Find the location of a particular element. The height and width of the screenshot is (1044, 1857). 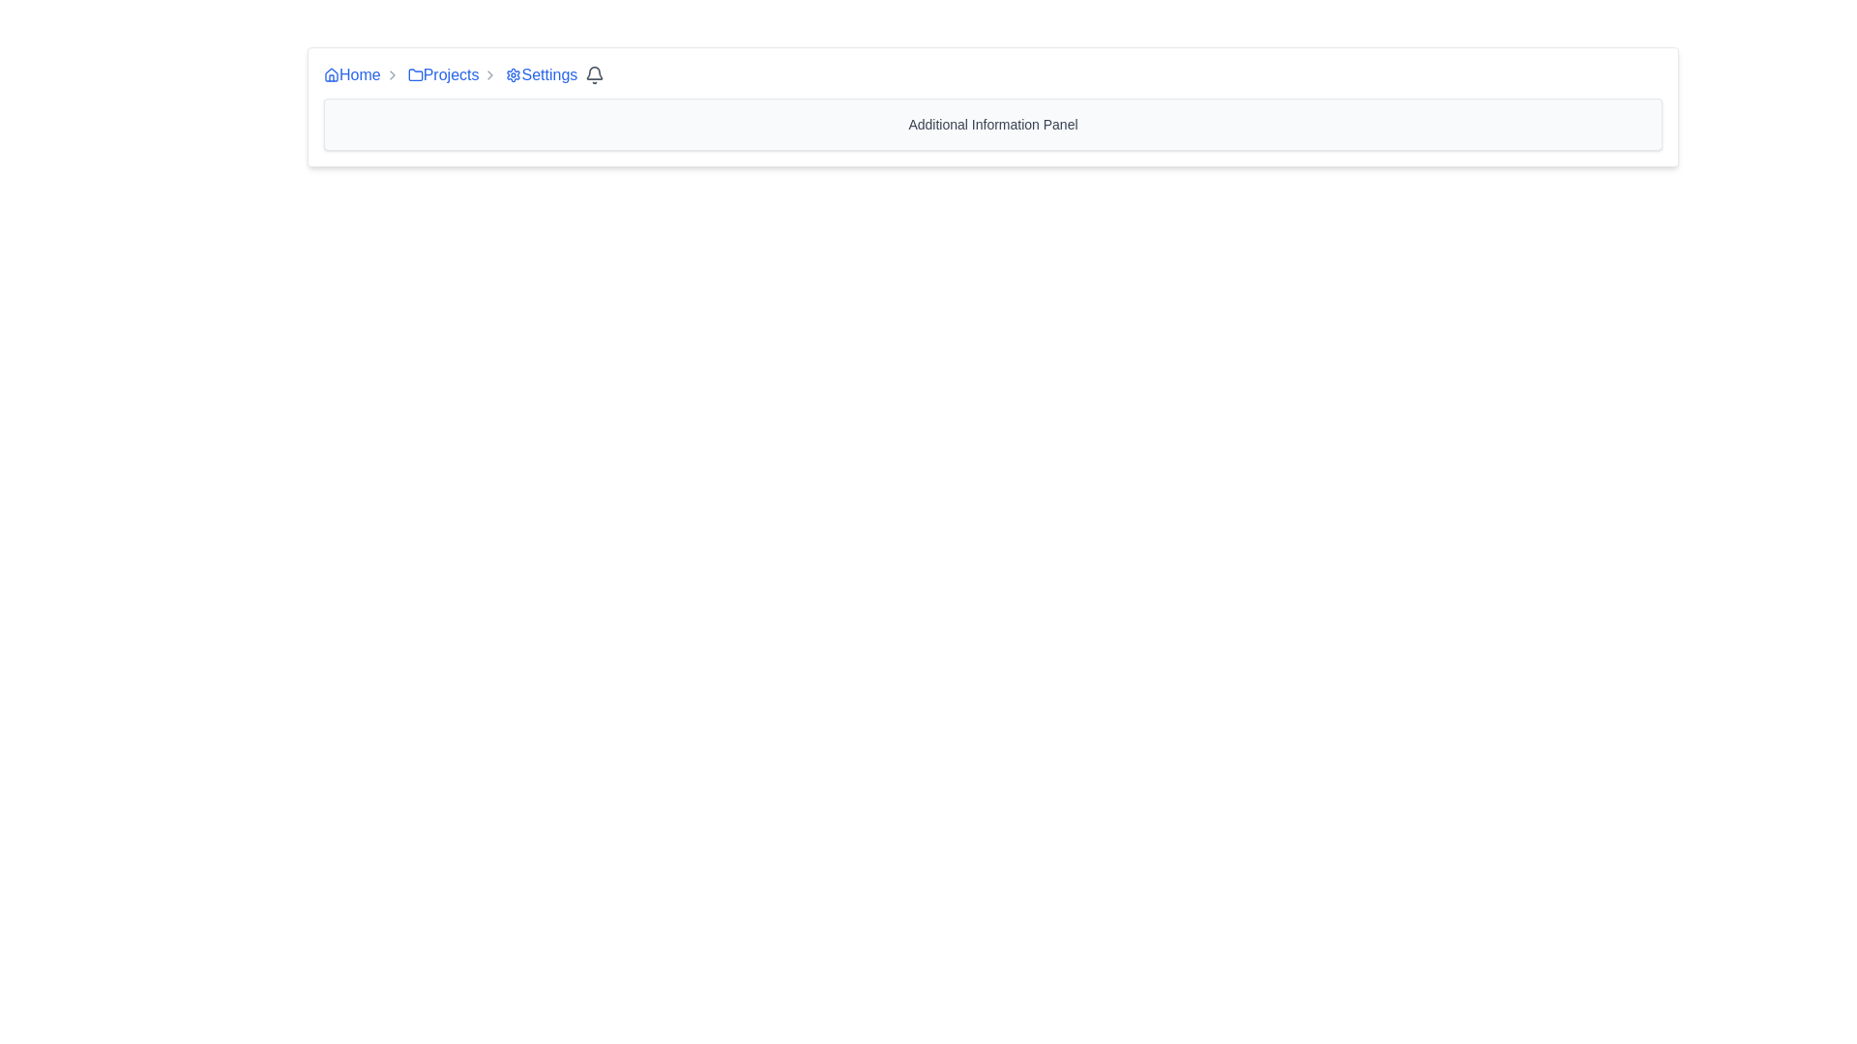

text displayed in the 'Additional Information Panel', which has a light gray background and rounded corners is located at coordinates (993, 124).